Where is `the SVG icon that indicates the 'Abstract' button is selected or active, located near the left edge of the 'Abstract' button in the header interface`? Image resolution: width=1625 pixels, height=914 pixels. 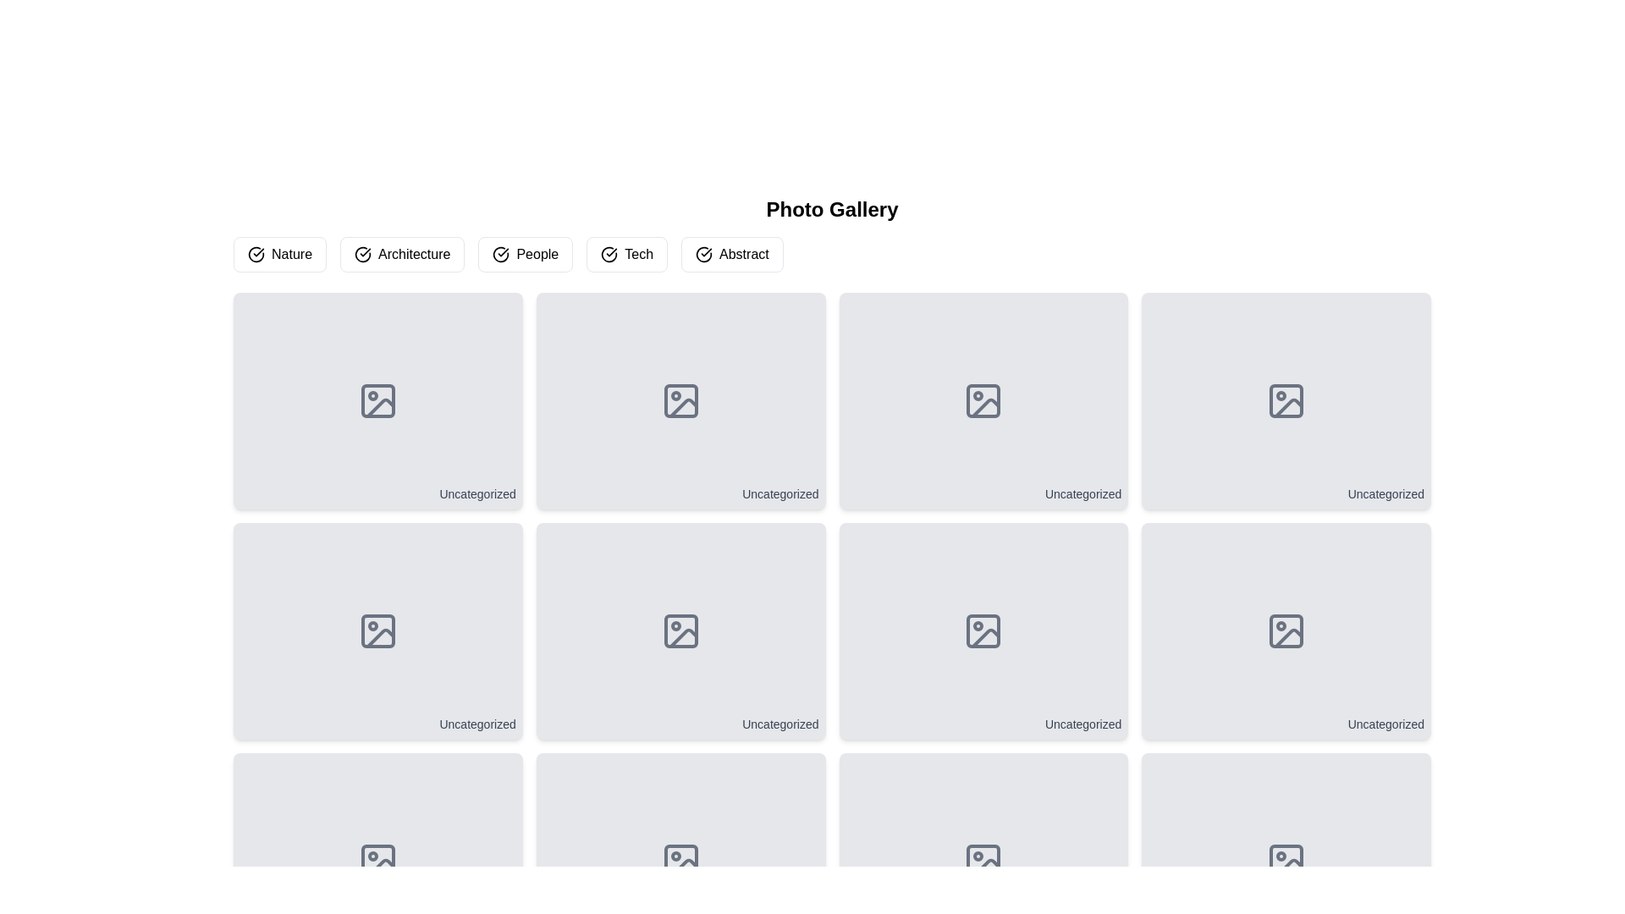 the SVG icon that indicates the 'Abstract' button is selected or active, located near the left edge of the 'Abstract' button in the header interface is located at coordinates (703, 254).